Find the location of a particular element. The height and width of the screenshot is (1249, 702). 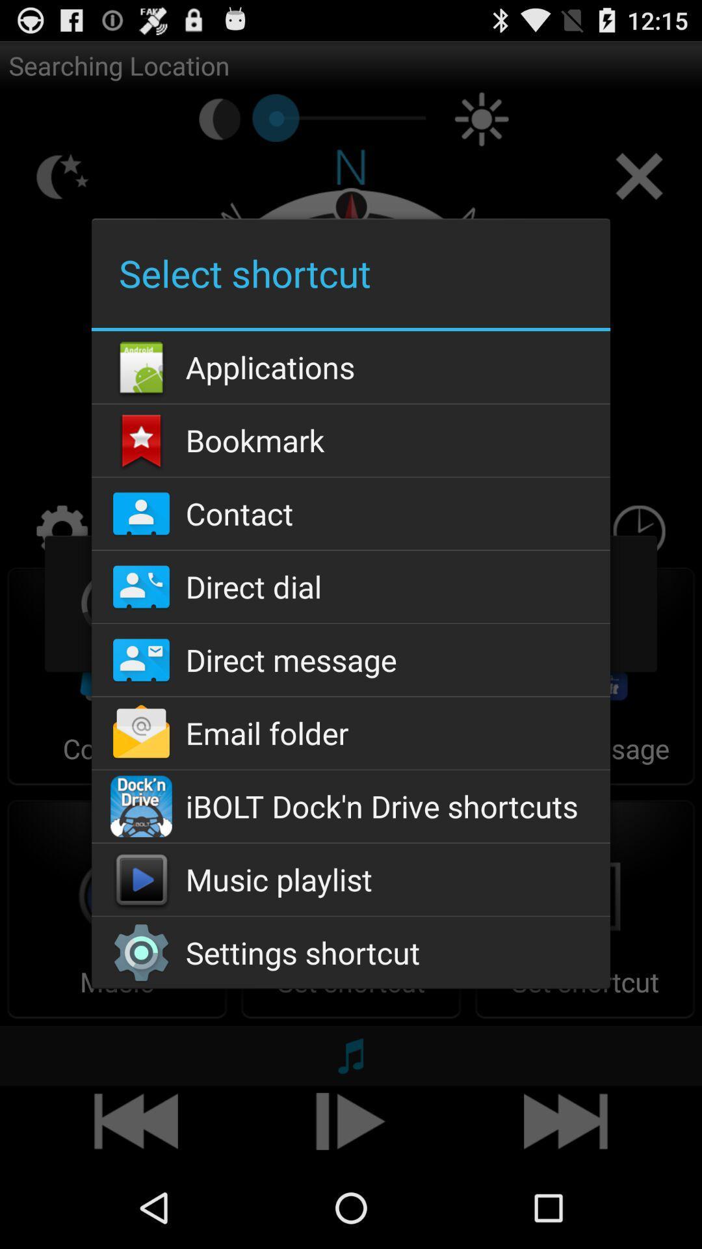

the contact item is located at coordinates (351, 513).